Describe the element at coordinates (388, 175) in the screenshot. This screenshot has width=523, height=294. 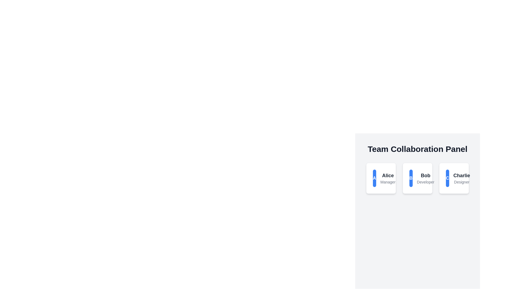
I see `the static text display element representing the individual named 'Alice' in the team collaboration interface` at that location.